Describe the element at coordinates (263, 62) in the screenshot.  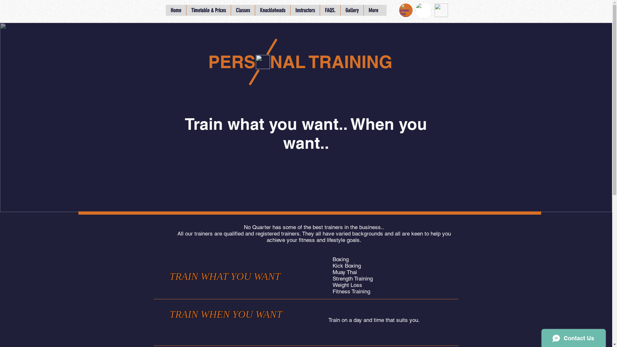
I see `'punch icon.png'` at that location.